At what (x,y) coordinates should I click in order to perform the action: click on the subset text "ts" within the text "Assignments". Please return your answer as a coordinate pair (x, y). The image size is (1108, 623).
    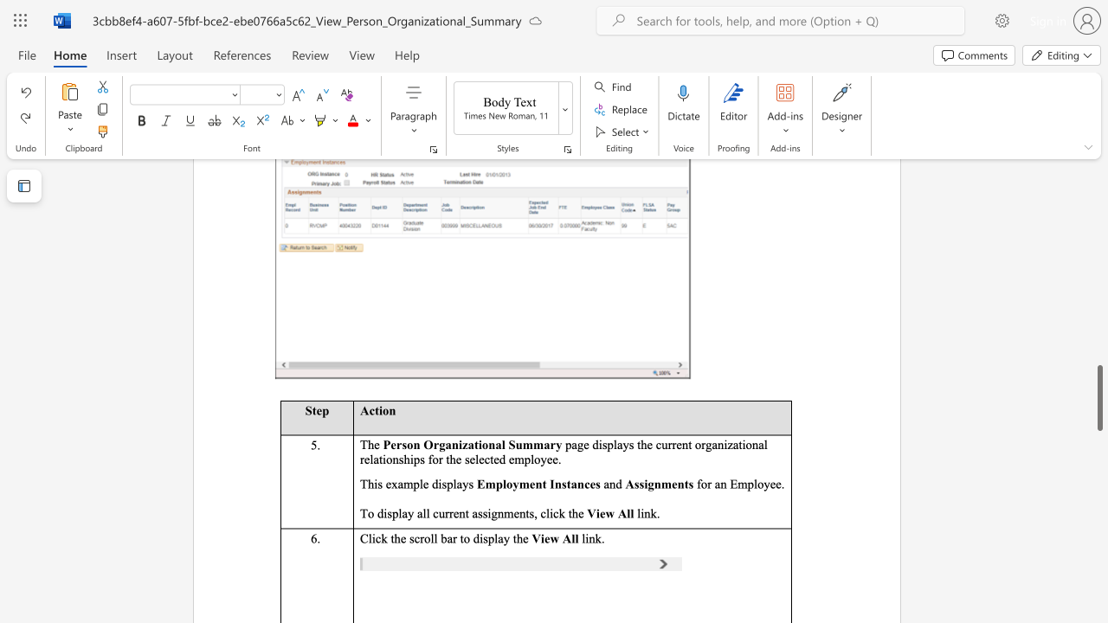
    Looking at the image, I should click on (683, 484).